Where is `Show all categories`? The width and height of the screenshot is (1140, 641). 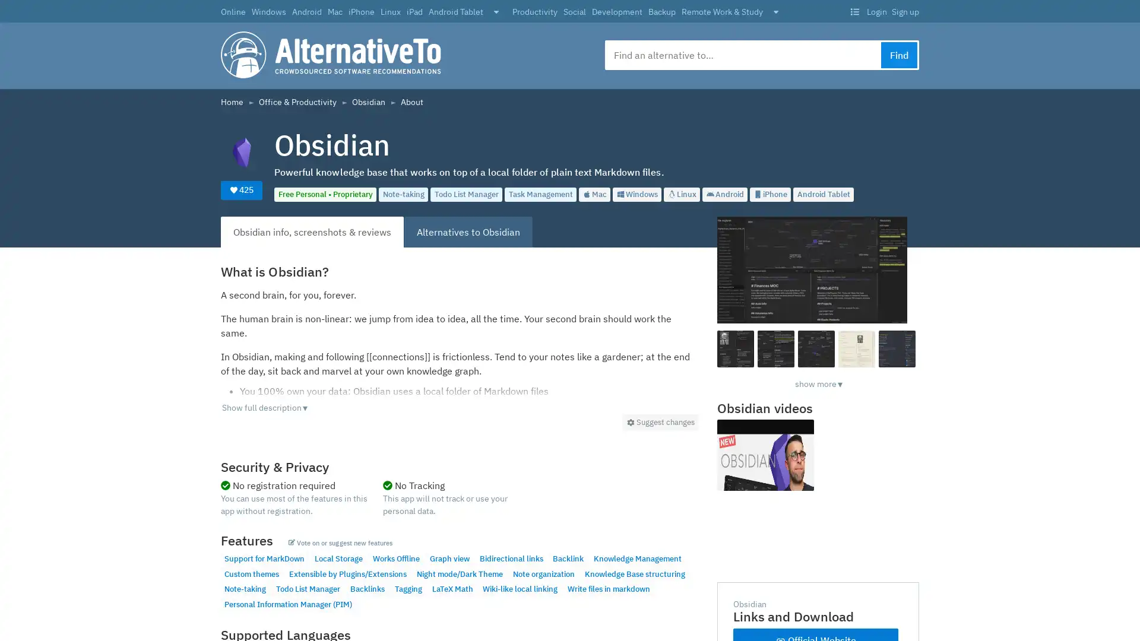 Show all categories is located at coordinates (775, 12).